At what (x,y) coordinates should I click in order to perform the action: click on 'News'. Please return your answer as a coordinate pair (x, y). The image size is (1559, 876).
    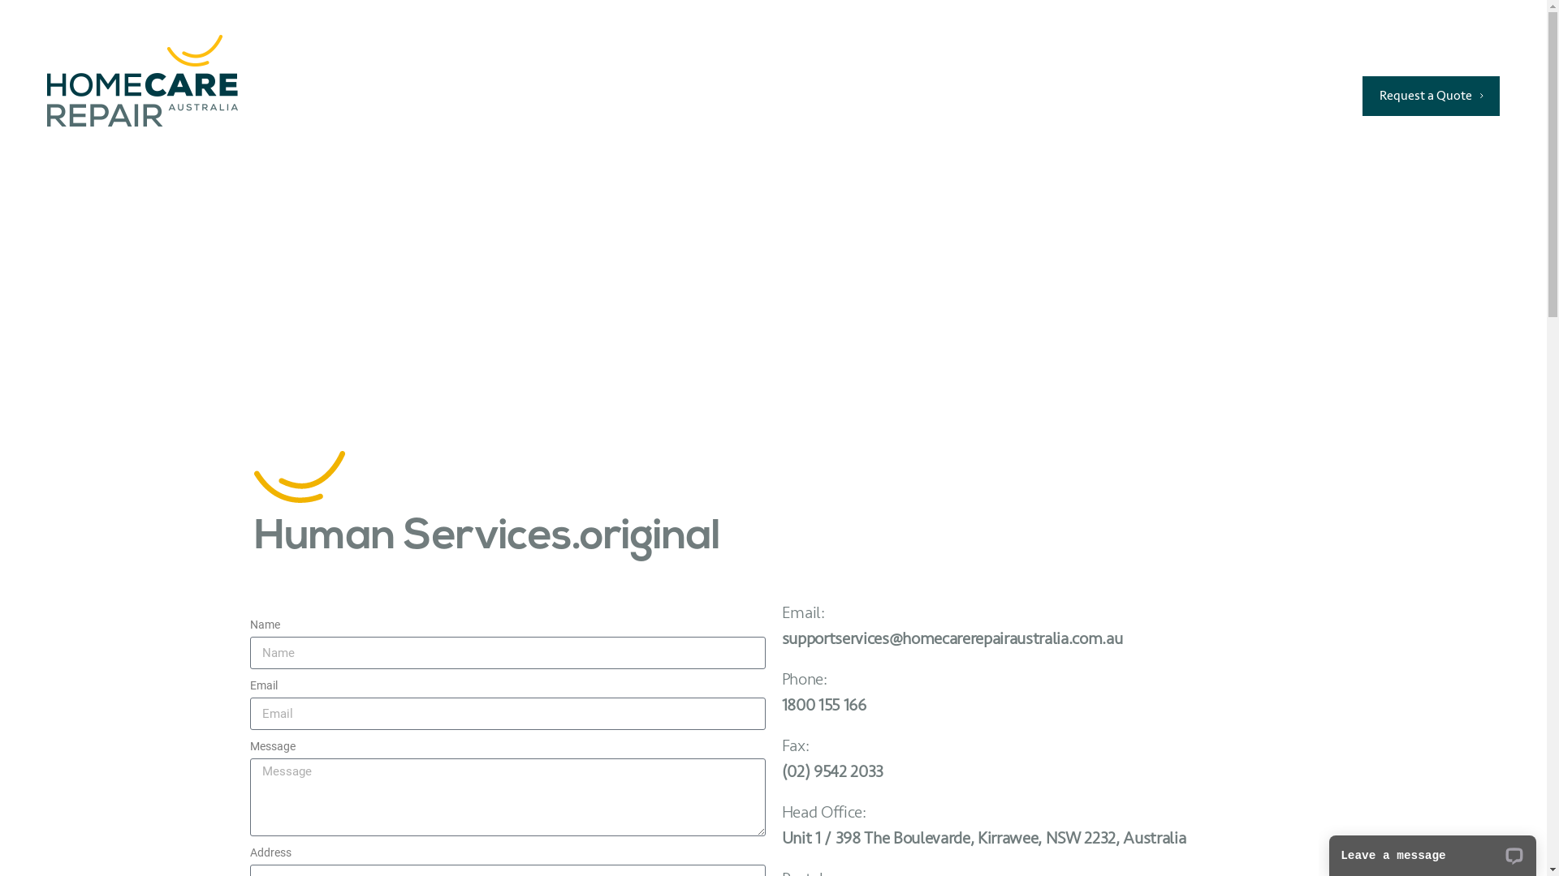
    Looking at the image, I should click on (1067, 95).